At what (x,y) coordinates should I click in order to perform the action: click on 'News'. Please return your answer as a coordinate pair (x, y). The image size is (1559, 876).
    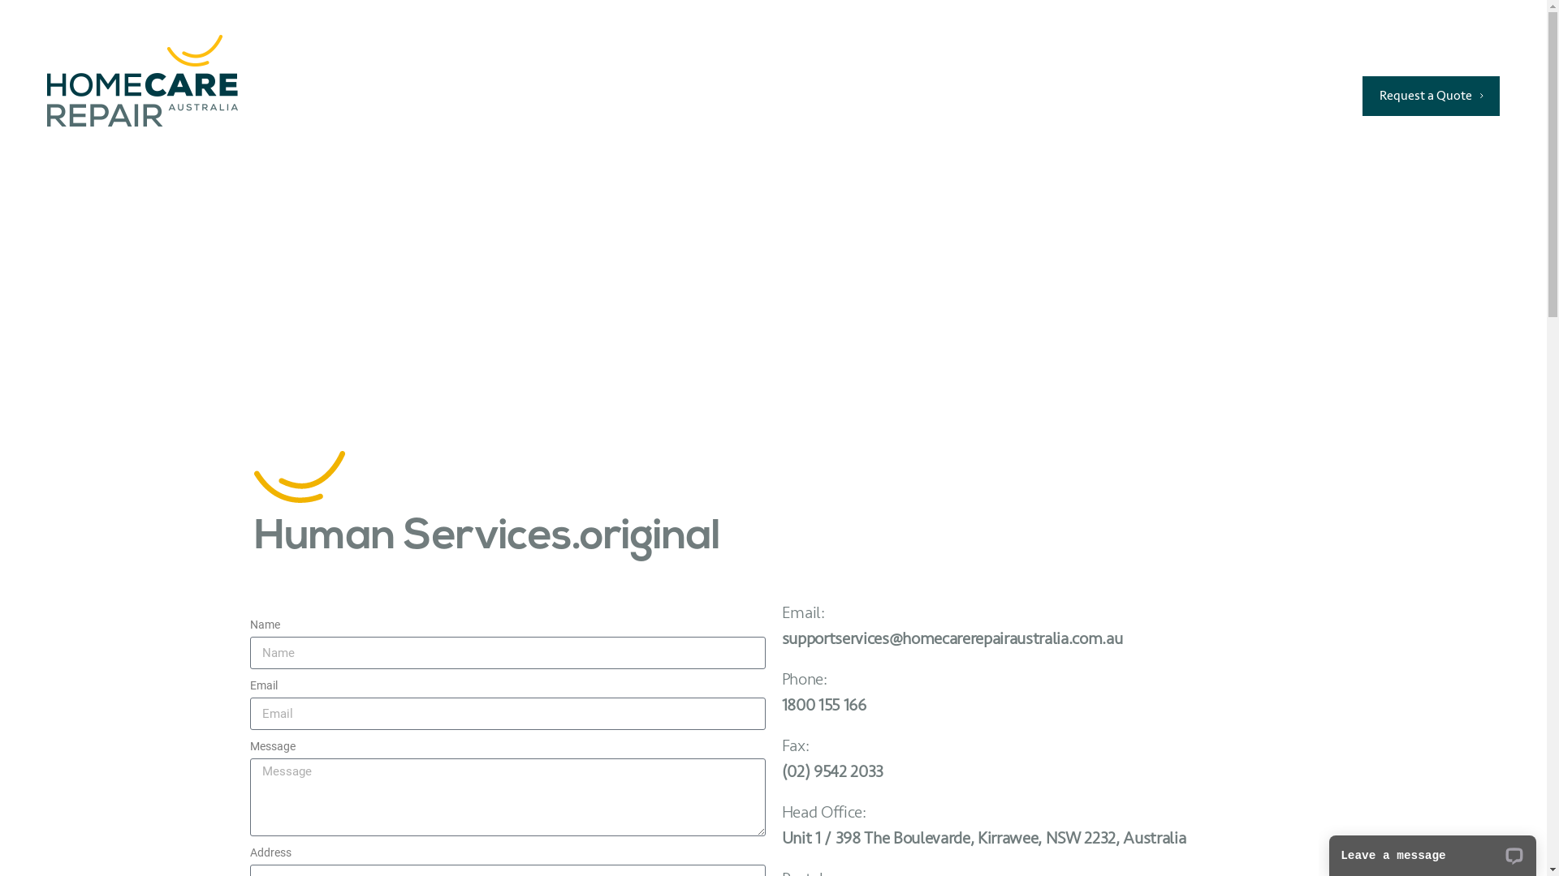
    Looking at the image, I should click on (1067, 95).